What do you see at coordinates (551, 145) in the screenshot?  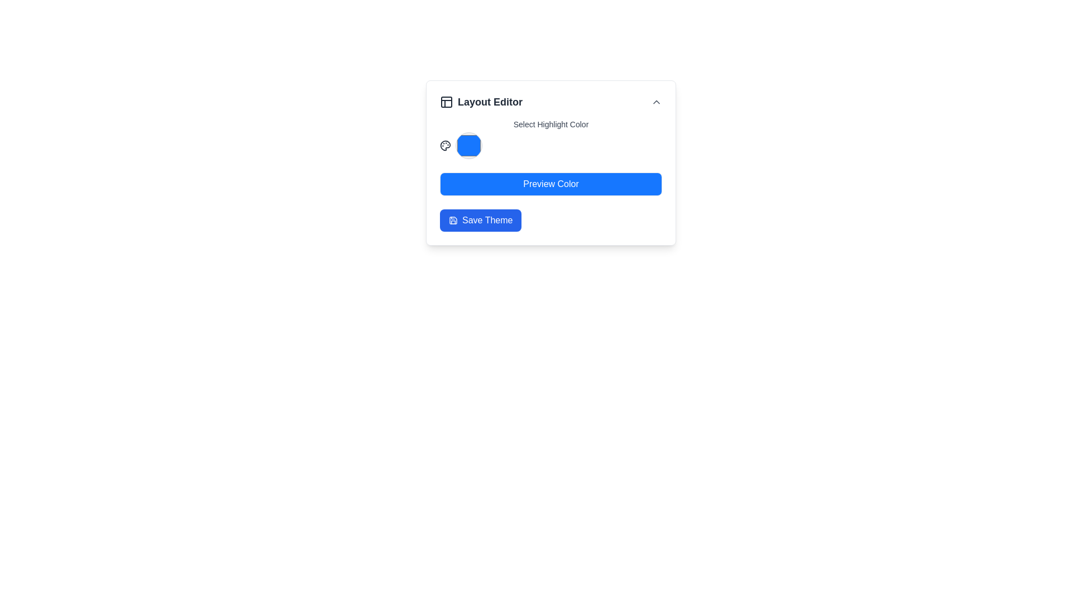 I see `the Interactive Flex Row located beneath the 'Select Highlight Color' title` at bounding box center [551, 145].